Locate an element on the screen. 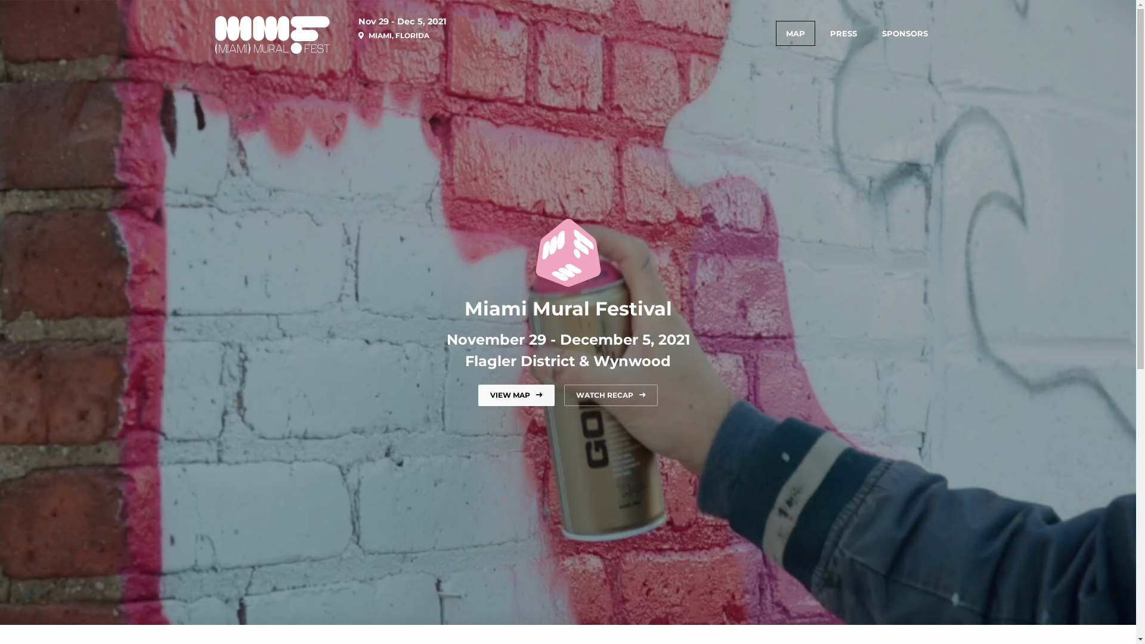 The height and width of the screenshot is (644, 1145). 'PRESS' is located at coordinates (842, 33).